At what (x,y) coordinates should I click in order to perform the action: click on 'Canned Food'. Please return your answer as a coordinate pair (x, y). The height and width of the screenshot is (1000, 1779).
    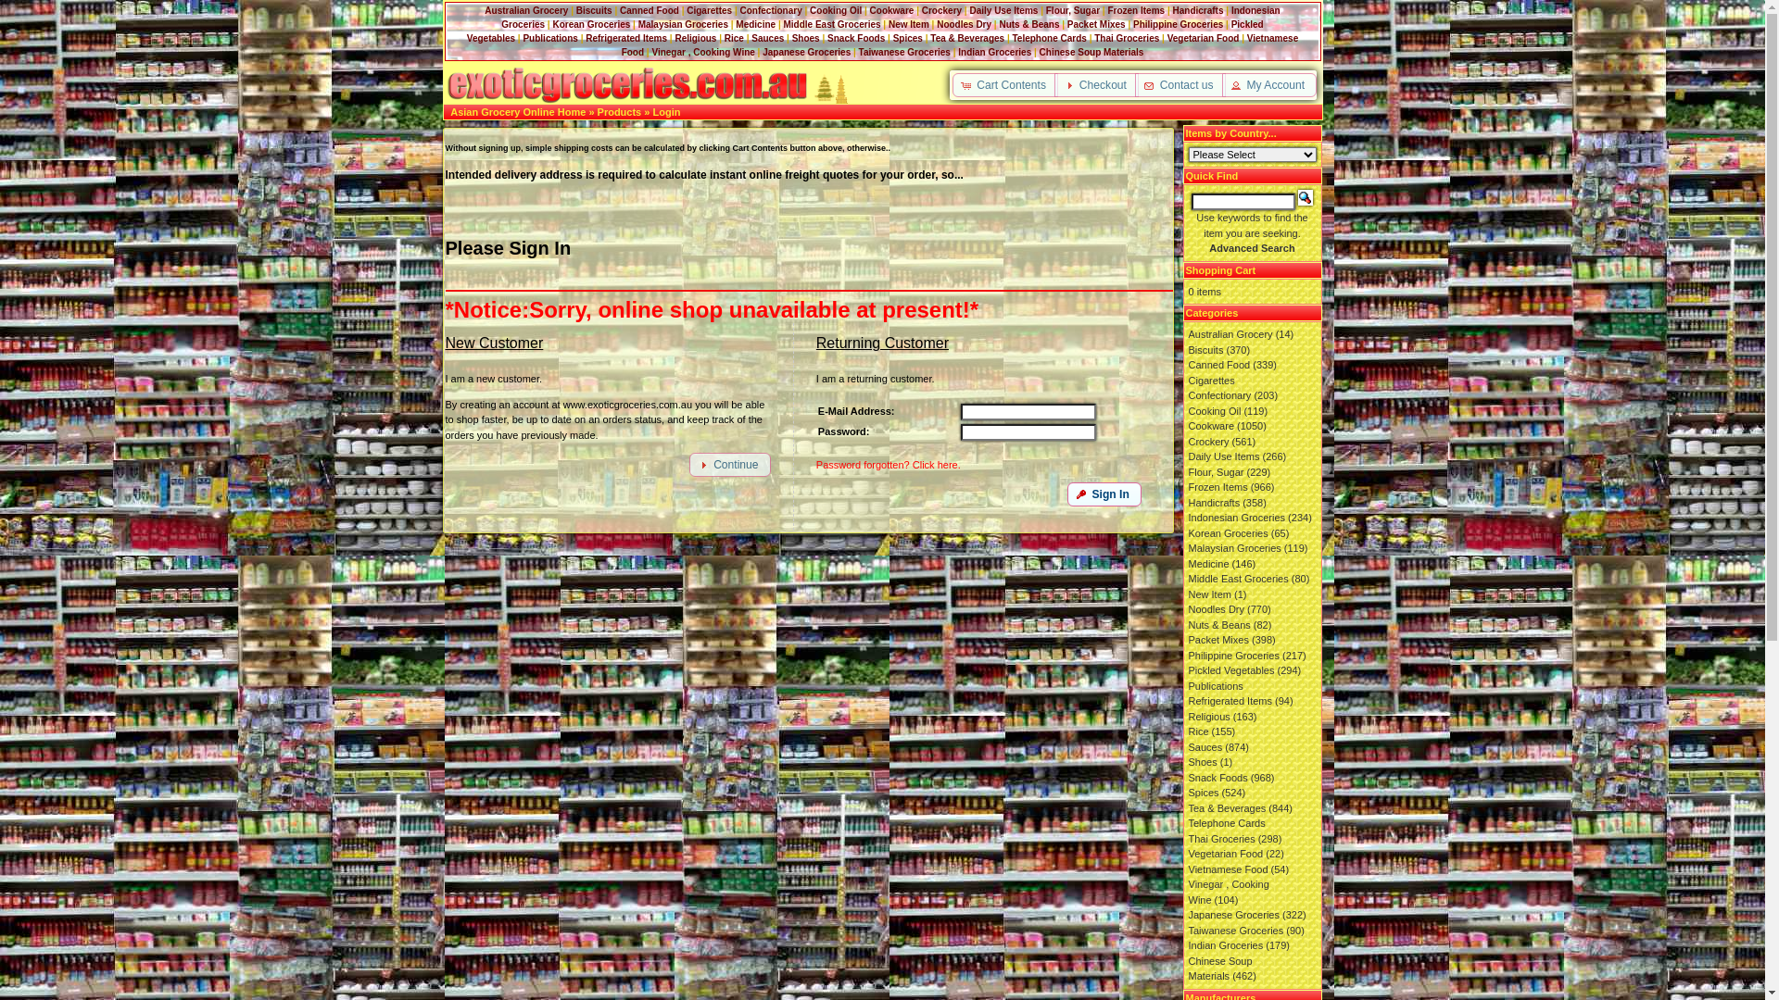
    Looking at the image, I should click on (1218, 364).